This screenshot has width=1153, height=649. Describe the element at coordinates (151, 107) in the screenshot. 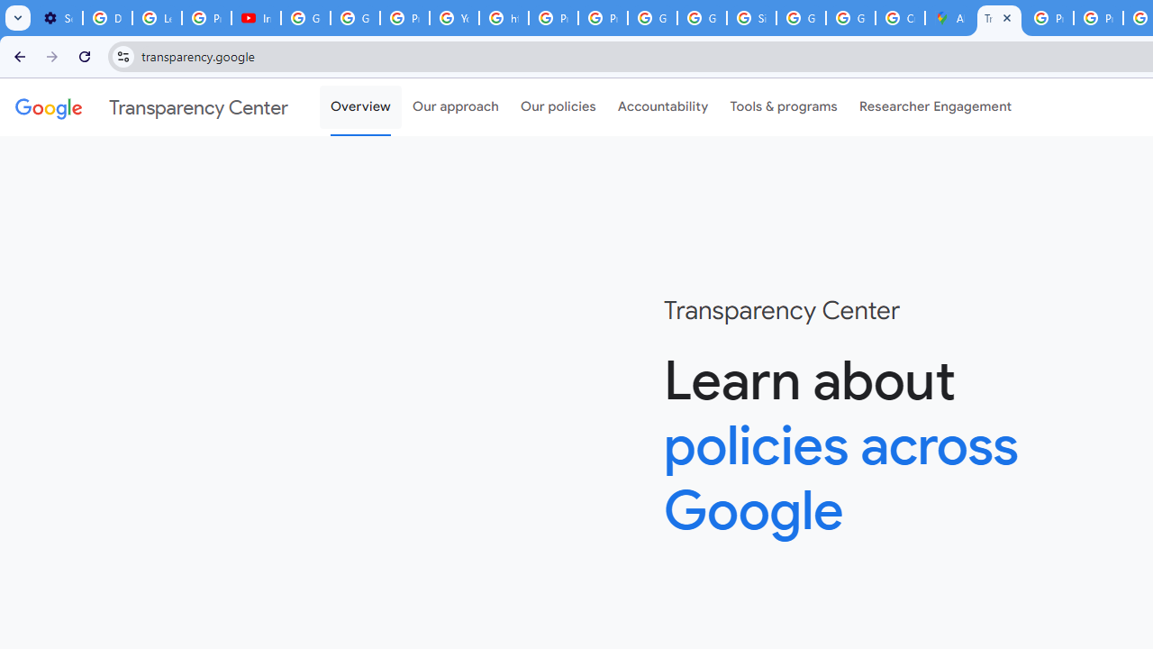

I see `'Transparency Center'` at that location.